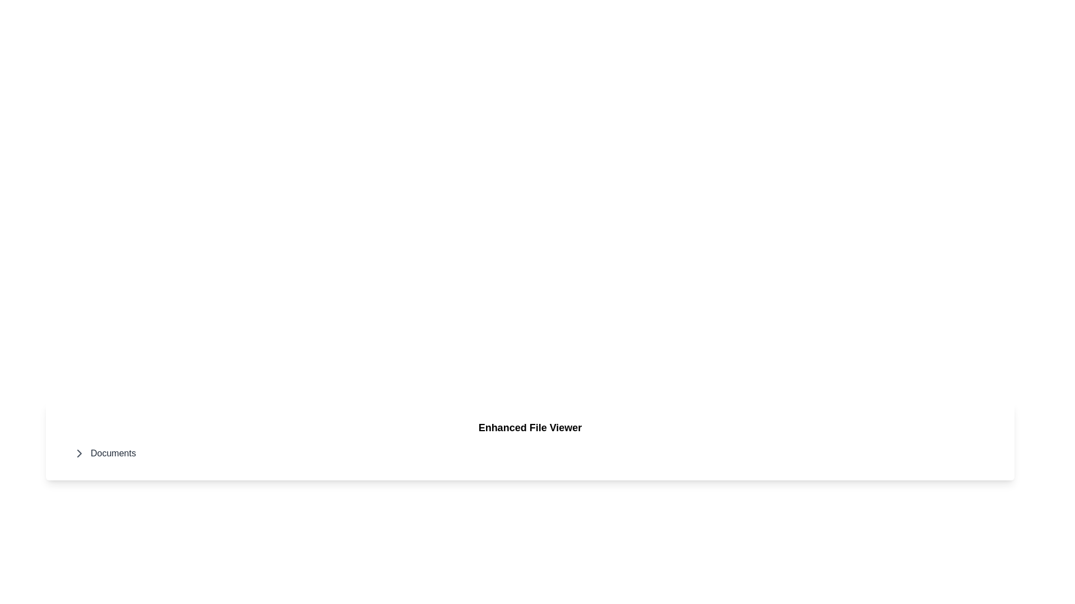 The width and height of the screenshot is (1075, 604). What do you see at coordinates (79, 453) in the screenshot?
I see `the arrow icon SVG element located in the bottom left region of the interface, adjacent to the text 'Documents'` at bounding box center [79, 453].